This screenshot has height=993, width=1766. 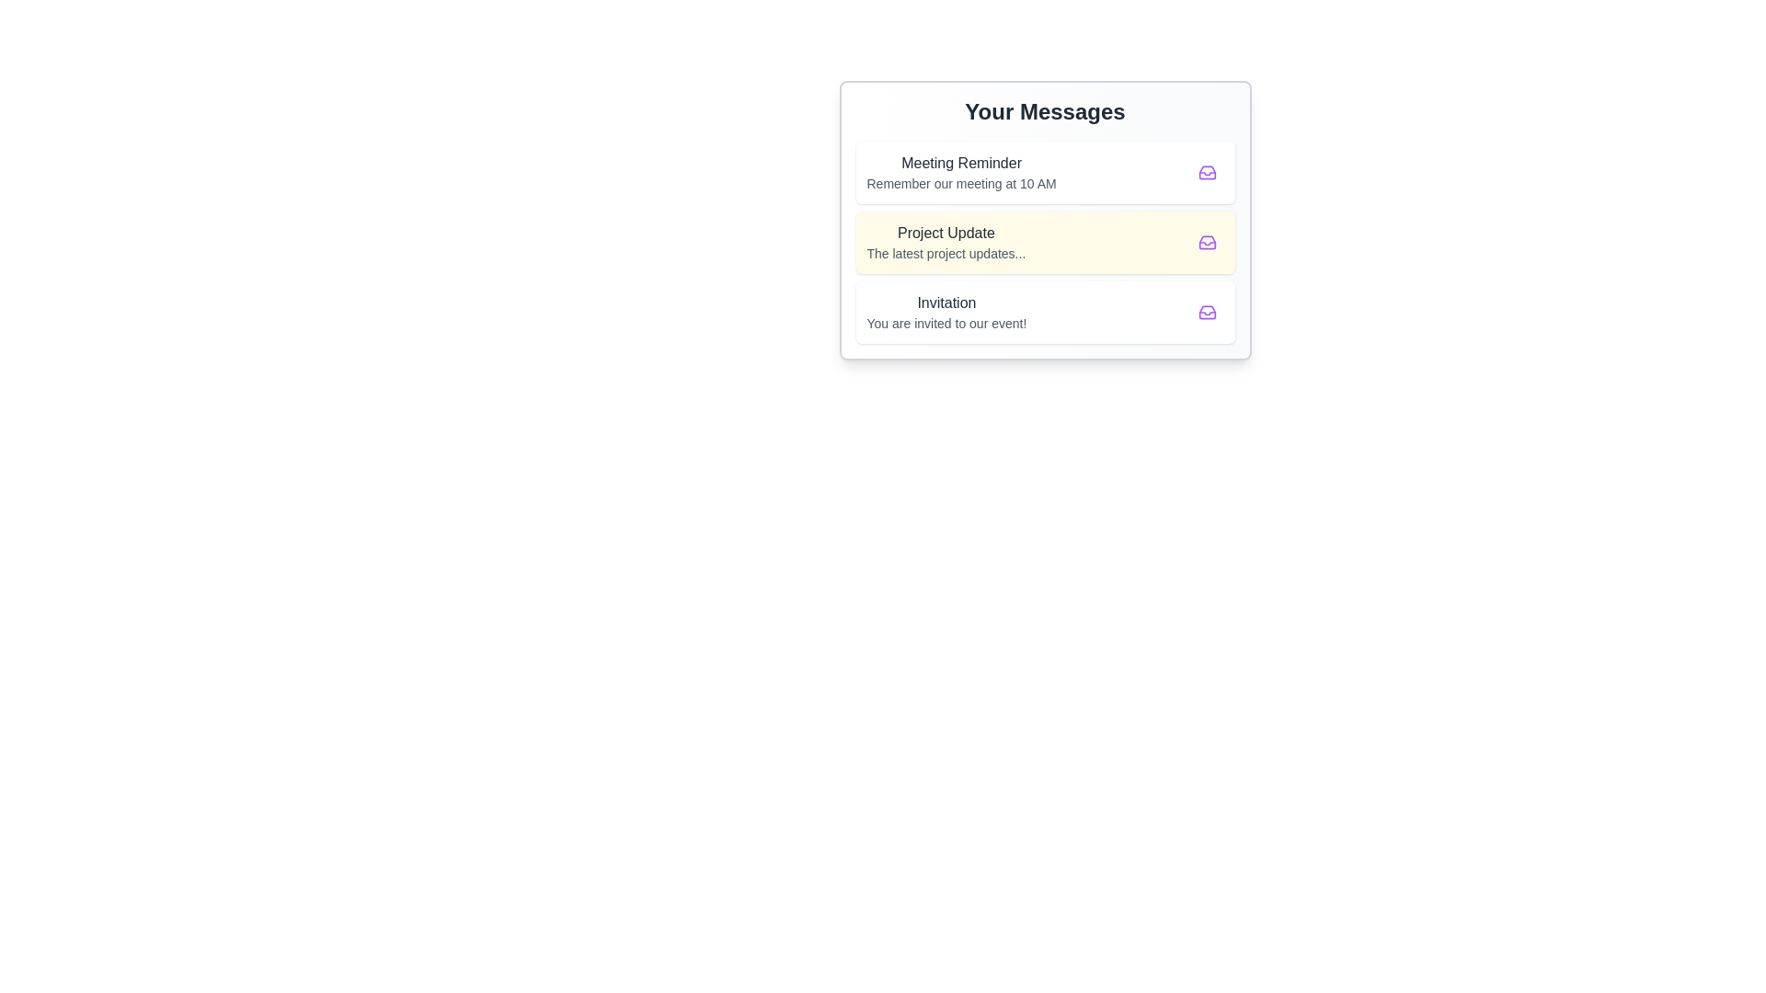 What do you see at coordinates (1207, 173) in the screenshot?
I see `the button to view the details of the message titled 'Meeting Reminder'` at bounding box center [1207, 173].